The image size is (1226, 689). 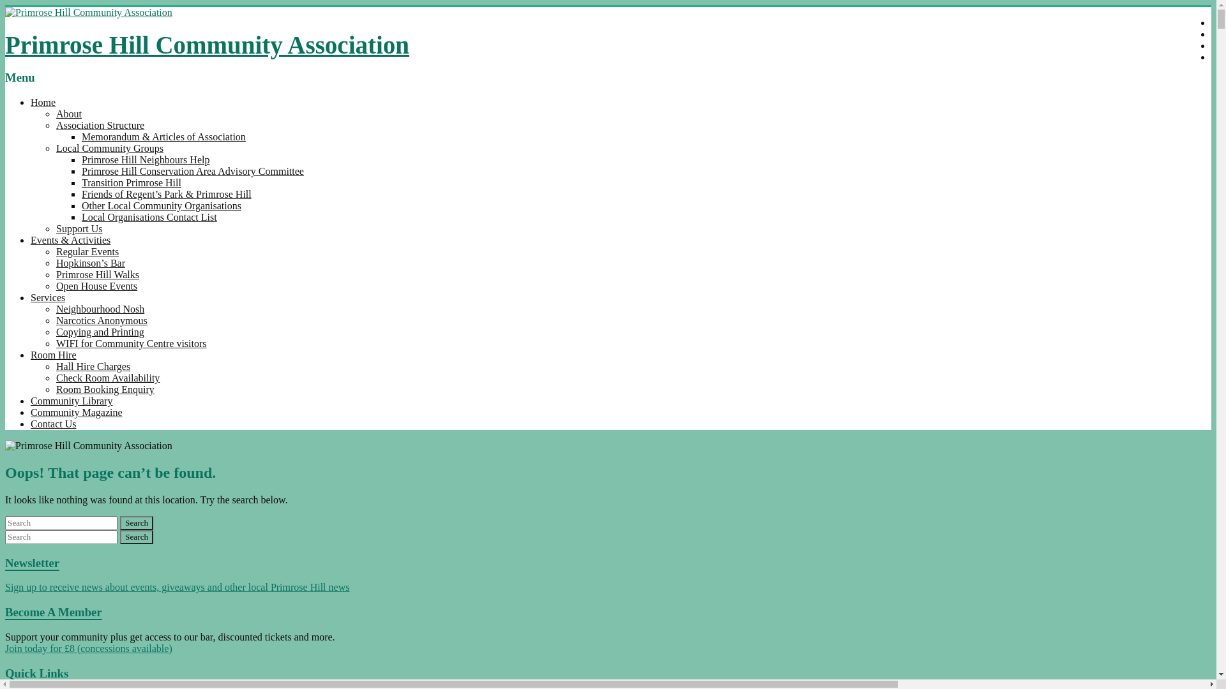 What do you see at coordinates (55, 285) in the screenshot?
I see `'Open House Events'` at bounding box center [55, 285].